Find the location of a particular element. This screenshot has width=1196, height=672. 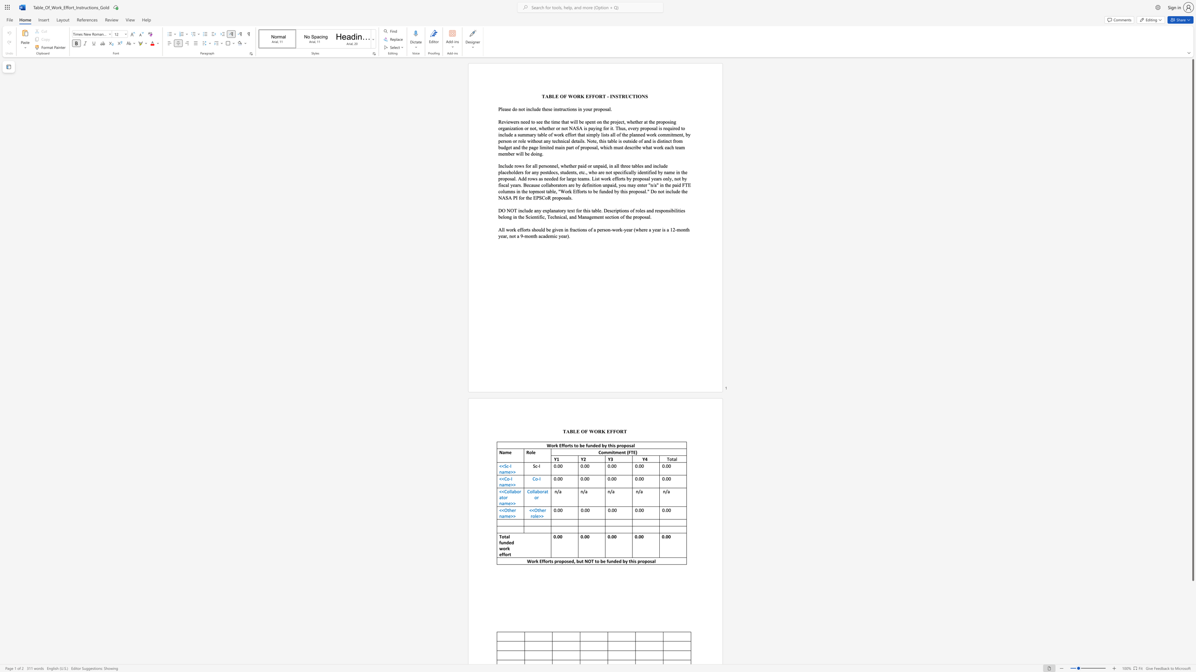

the page's right scrollbar for downward movement is located at coordinates (1192, 662).